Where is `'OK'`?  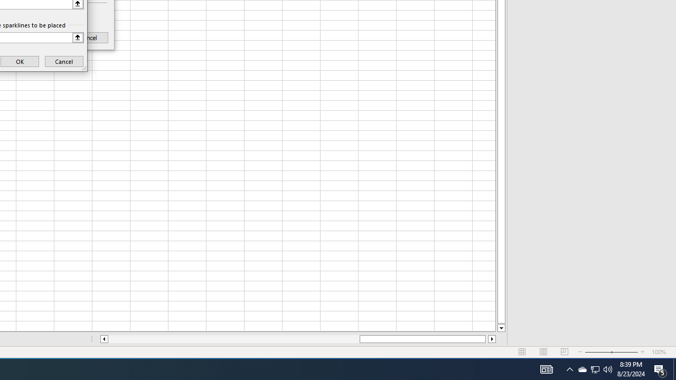
'OK' is located at coordinates (20, 61).